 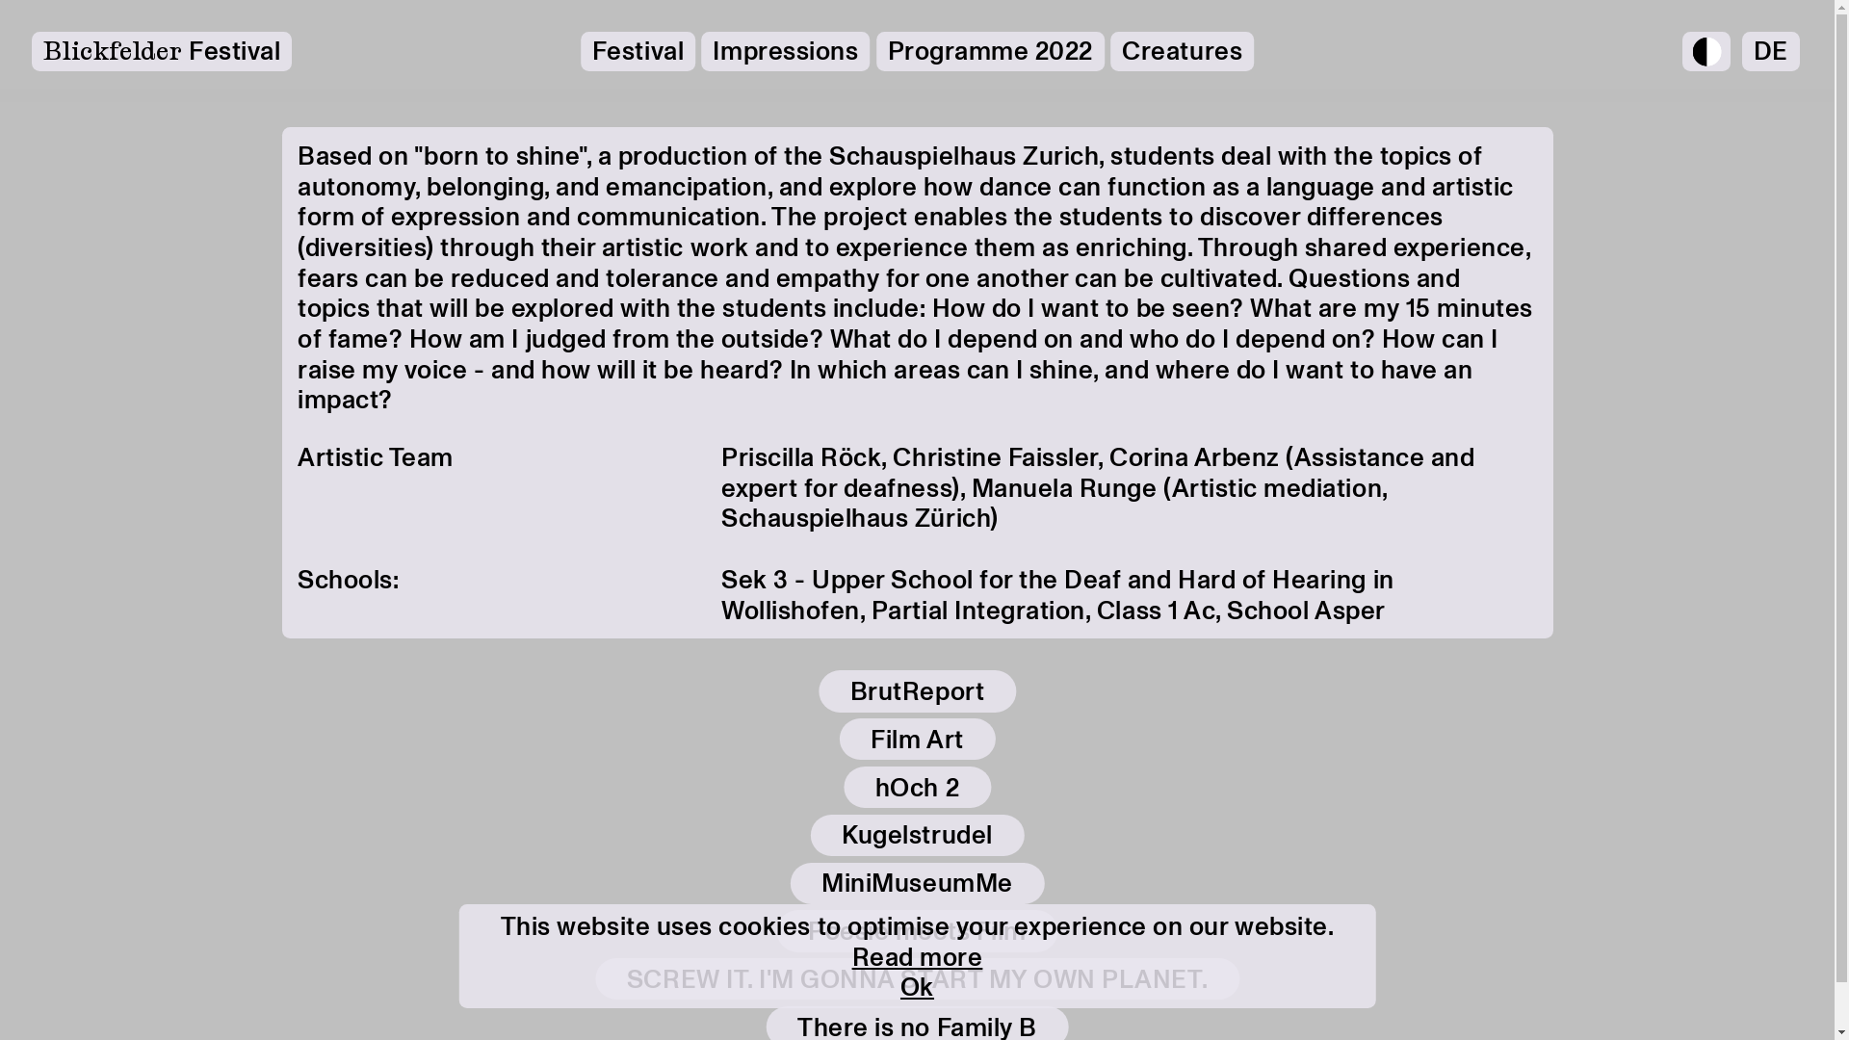 I want to click on 'DE', so click(x=1770, y=50).